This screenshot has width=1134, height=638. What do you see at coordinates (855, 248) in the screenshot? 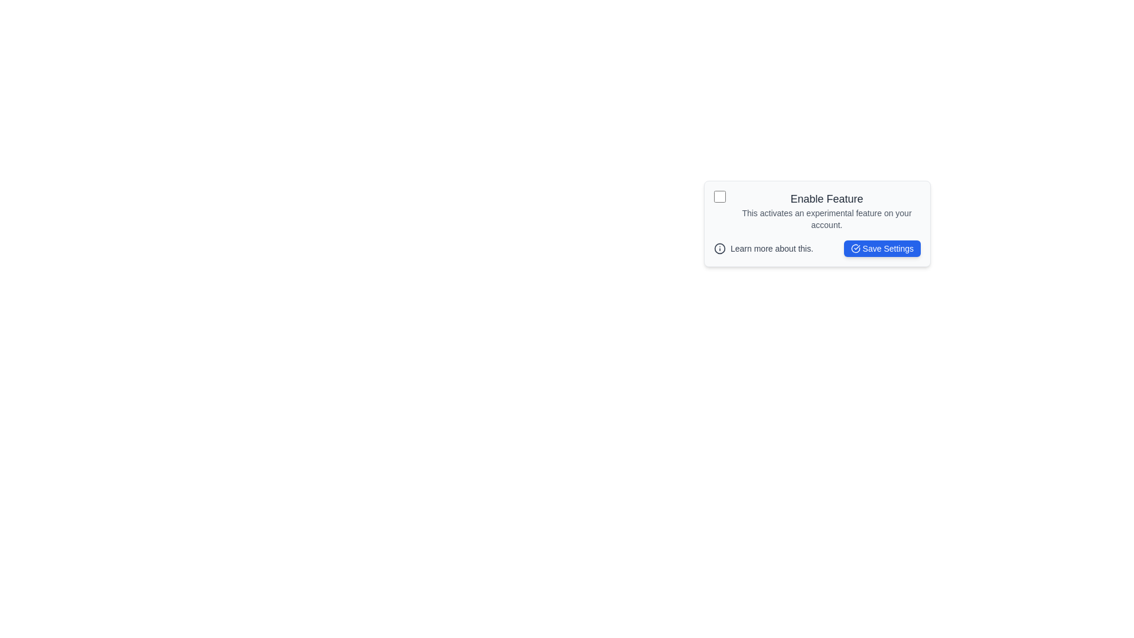
I see `the confirmation icon located to the left of the 'Save Settings' text within the 'Save Settings' button` at bounding box center [855, 248].